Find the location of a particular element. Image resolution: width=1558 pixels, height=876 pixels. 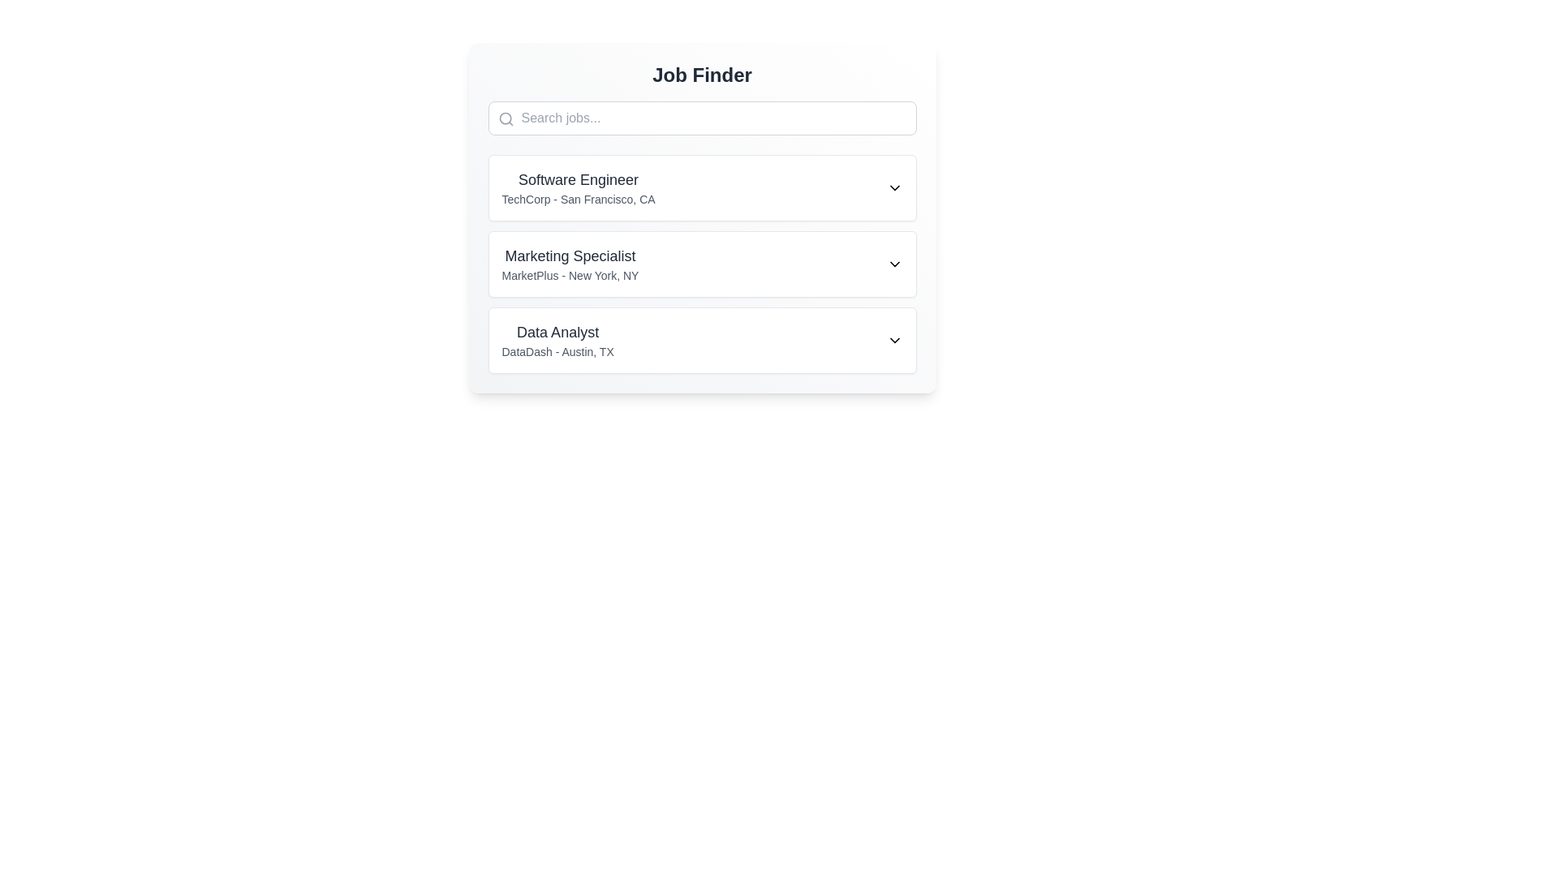

the magnifying glass icon representing the search functionality located on the left side of the search input field under the 'Job Finder' title is located at coordinates (505, 118).